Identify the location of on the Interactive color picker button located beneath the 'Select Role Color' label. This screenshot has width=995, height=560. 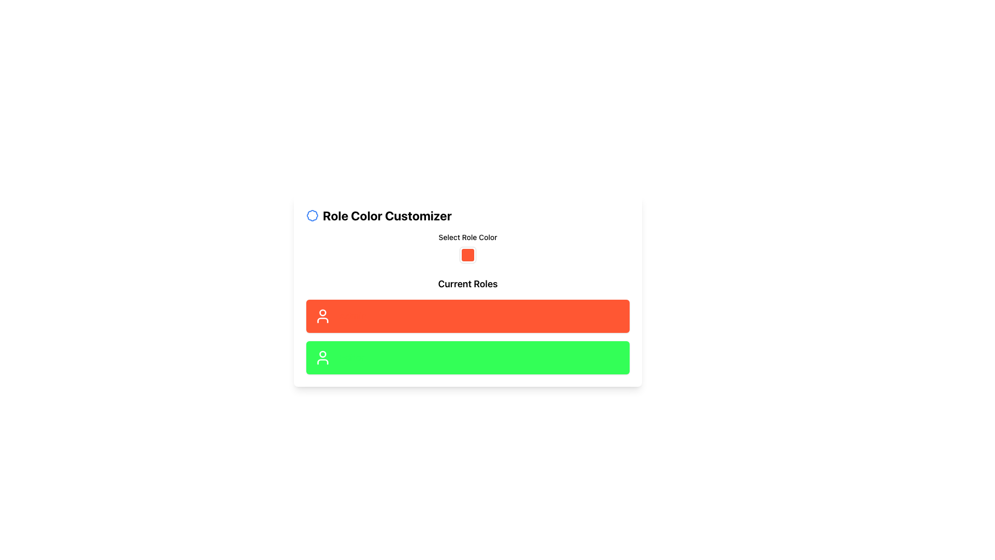
(467, 248).